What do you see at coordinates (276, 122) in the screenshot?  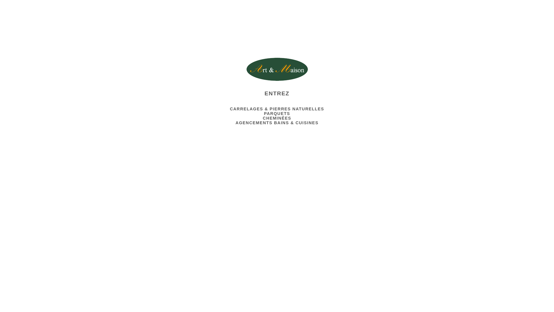 I see `'AGENCEMENTS BAINS & CUISINES'` at bounding box center [276, 122].